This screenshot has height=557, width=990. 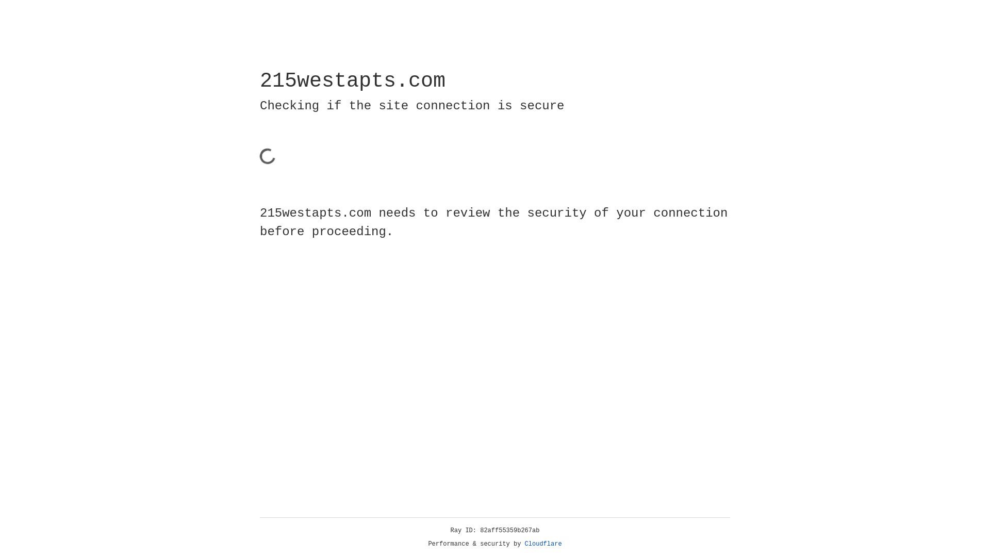 I want to click on 'Cloudflare', so click(x=524, y=544).